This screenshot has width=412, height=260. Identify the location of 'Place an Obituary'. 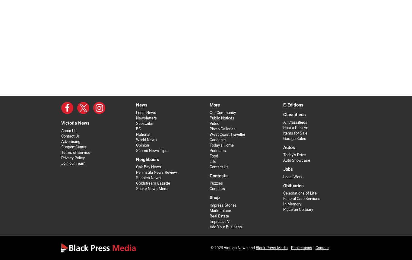
(298, 209).